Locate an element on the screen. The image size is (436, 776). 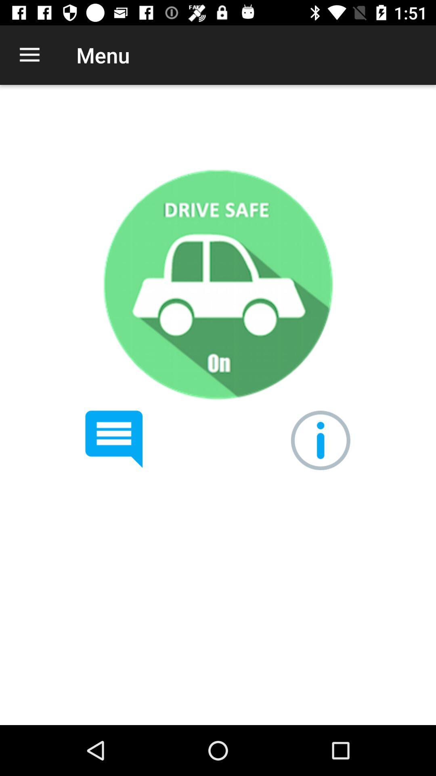
item below the menu icon is located at coordinates (217, 284).